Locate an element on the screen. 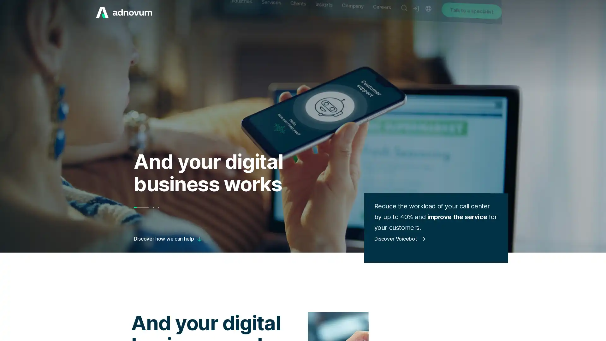 This screenshot has width=606, height=341. Go to slide 2 is located at coordinates (139, 207).